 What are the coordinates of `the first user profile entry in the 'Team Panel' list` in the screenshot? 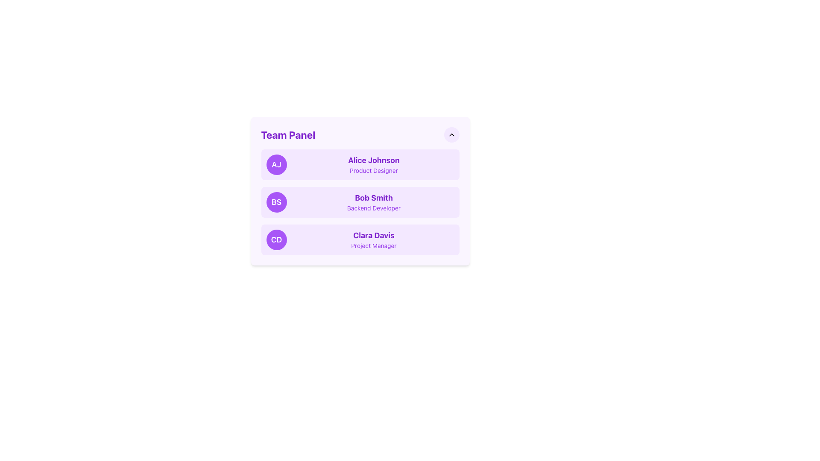 It's located at (360, 164).